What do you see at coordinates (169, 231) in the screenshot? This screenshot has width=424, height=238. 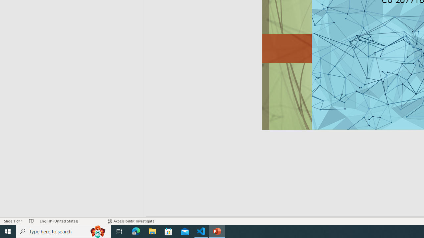 I see `'Microsoft Store'` at bounding box center [169, 231].